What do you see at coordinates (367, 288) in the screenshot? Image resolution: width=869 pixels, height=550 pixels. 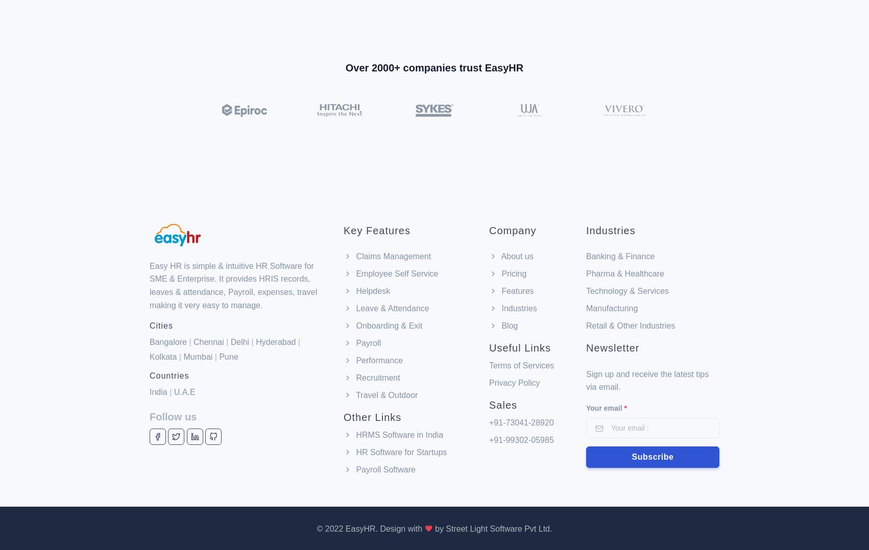 I see `'Payroll'` at bounding box center [367, 288].